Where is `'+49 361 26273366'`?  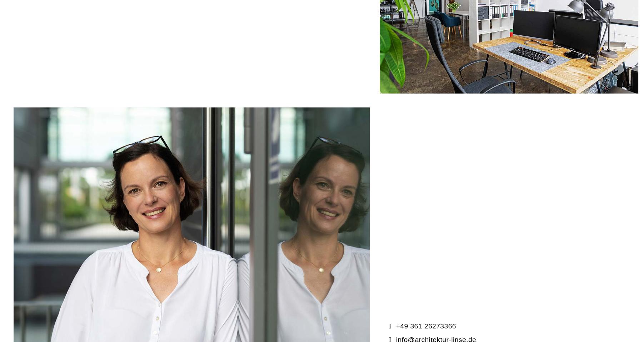
'+49 361 26273366' is located at coordinates (479, 159).